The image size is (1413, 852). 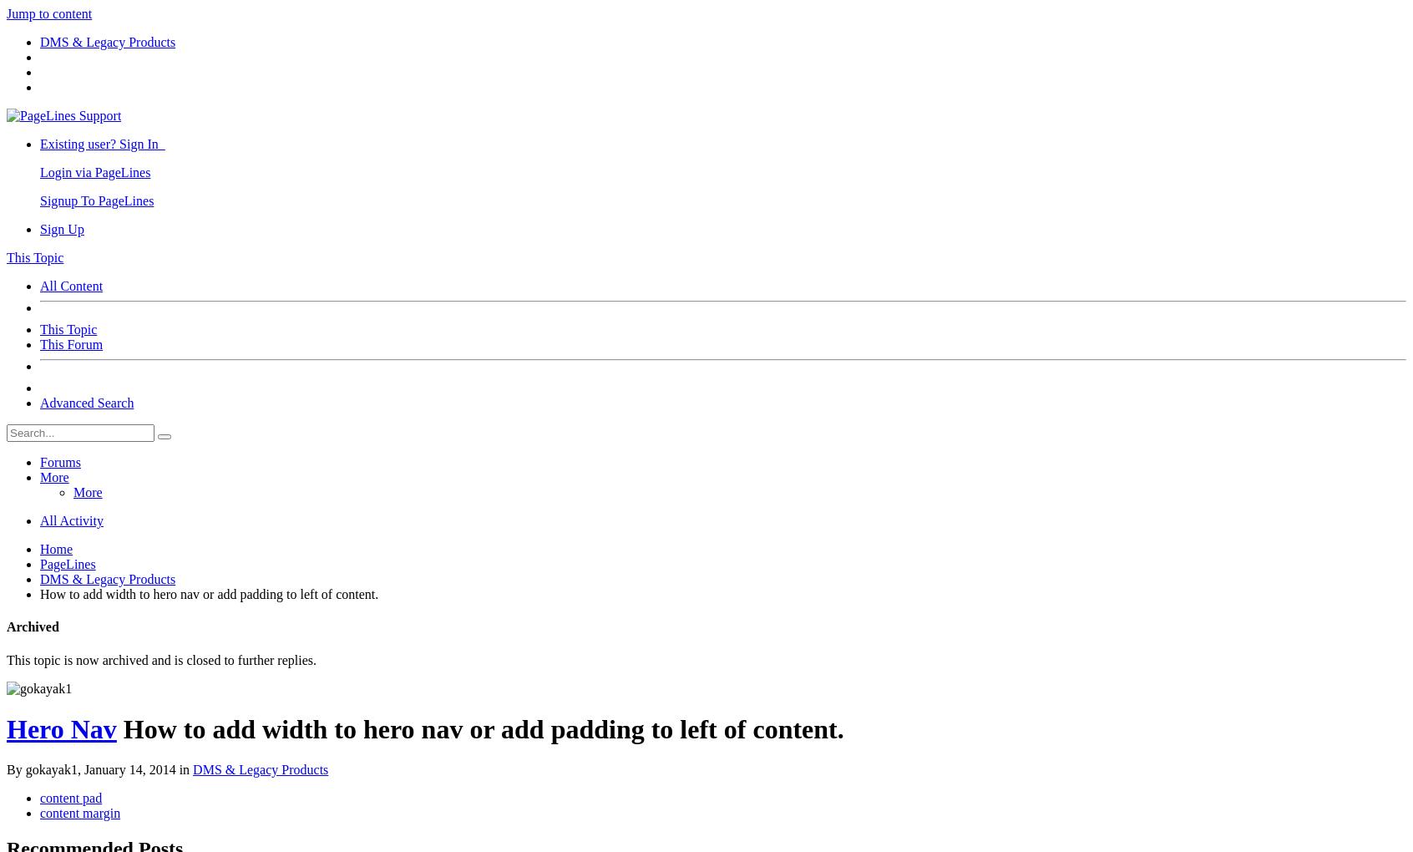 I want to click on 'Advanced Search', so click(x=87, y=403).